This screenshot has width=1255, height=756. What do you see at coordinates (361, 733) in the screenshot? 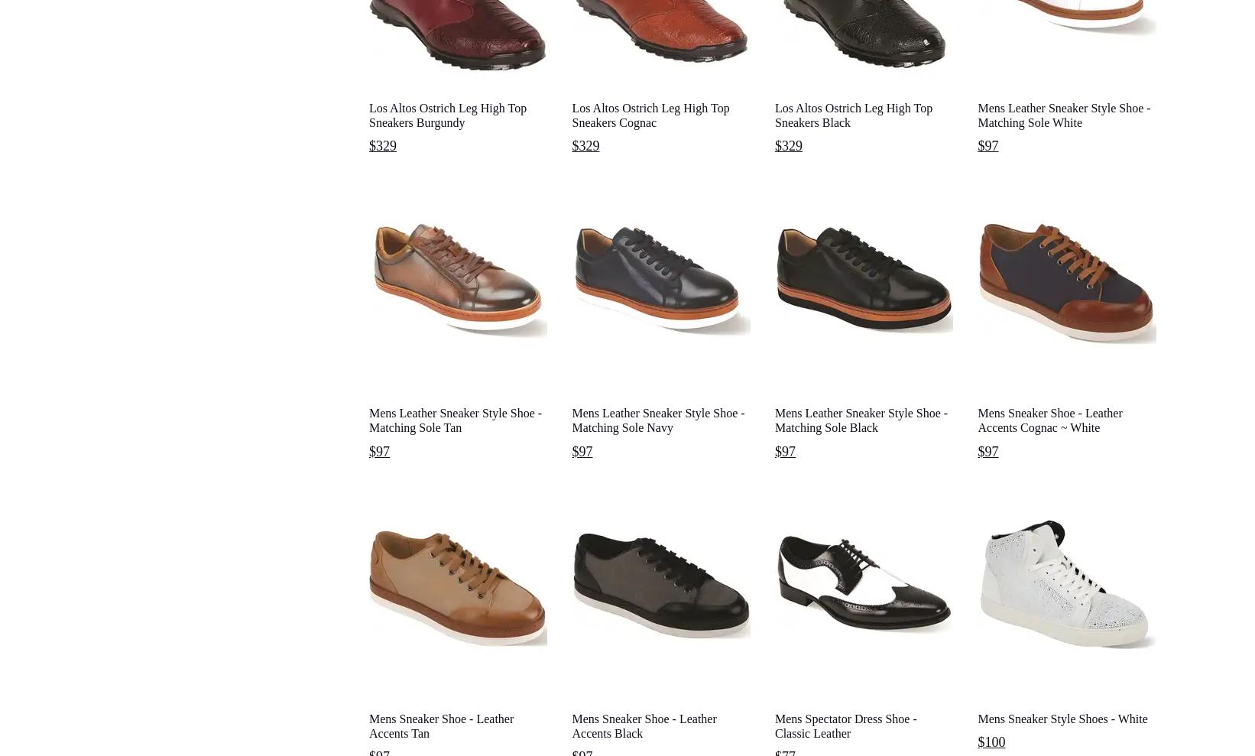
I see `'Mens Loafers'` at bounding box center [361, 733].